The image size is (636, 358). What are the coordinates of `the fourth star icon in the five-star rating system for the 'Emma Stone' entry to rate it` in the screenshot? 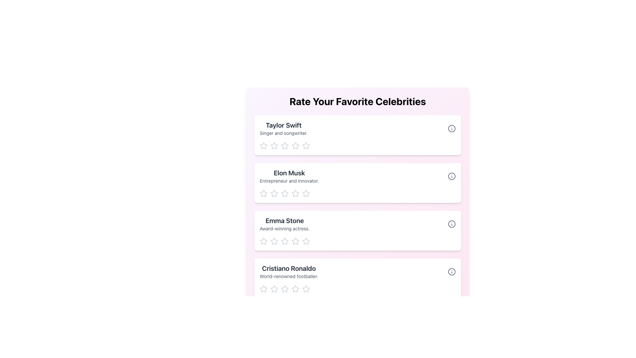 It's located at (295, 241).